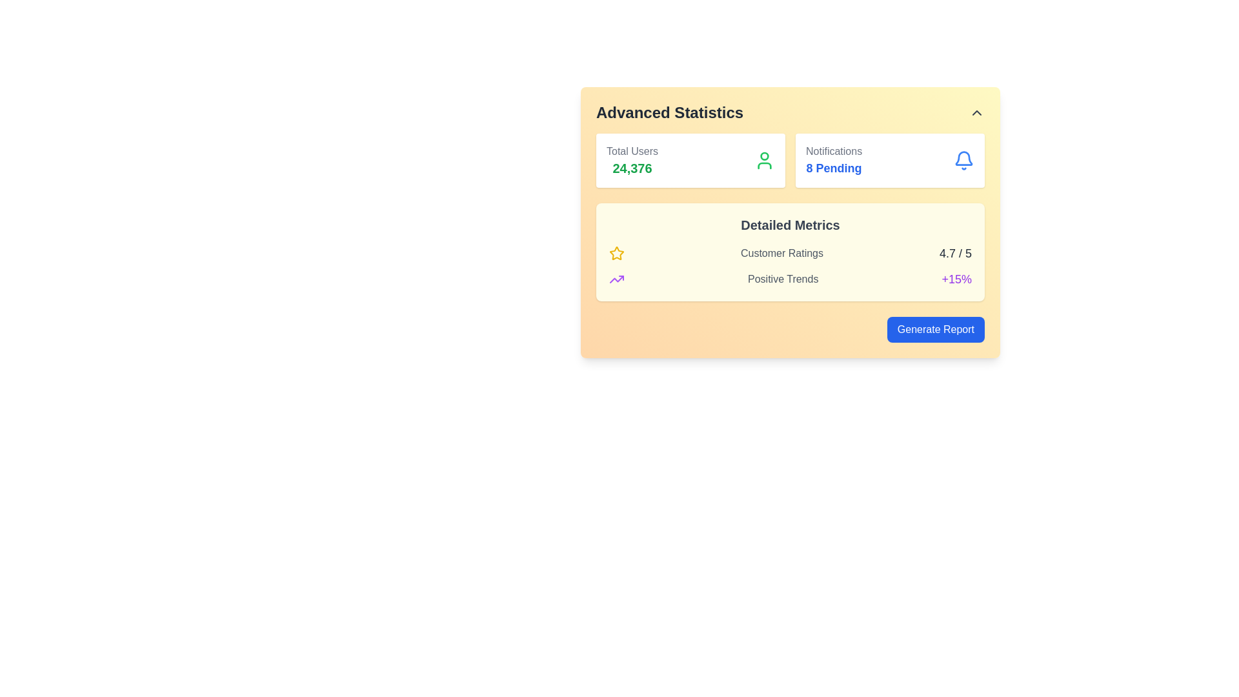 This screenshot has width=1239, height=697. What do you see at coordinates (765, 160) in the screenshot?
I see `the user icon in the 'Total Users' section of the 'Advanced Statistics' card, which is represented by a simplistic green human figure and is located to the right of the number '24,376'` at bounding box center [765, 160].